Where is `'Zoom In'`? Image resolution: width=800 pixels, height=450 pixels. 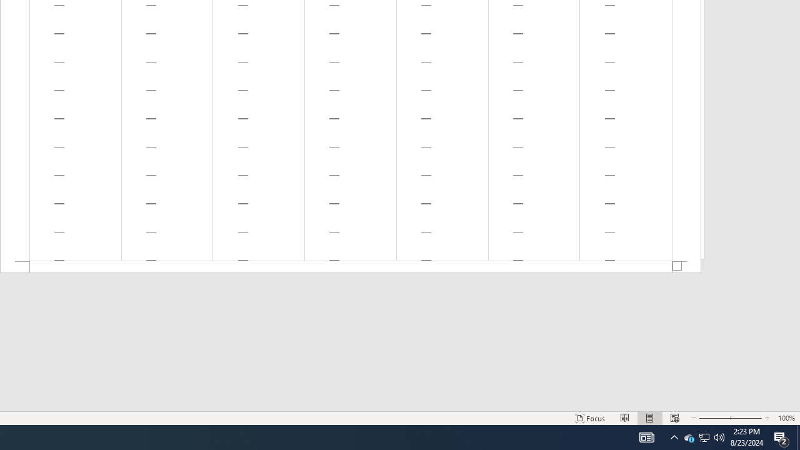
'Zoom In' is located at coordinates (747, 418).